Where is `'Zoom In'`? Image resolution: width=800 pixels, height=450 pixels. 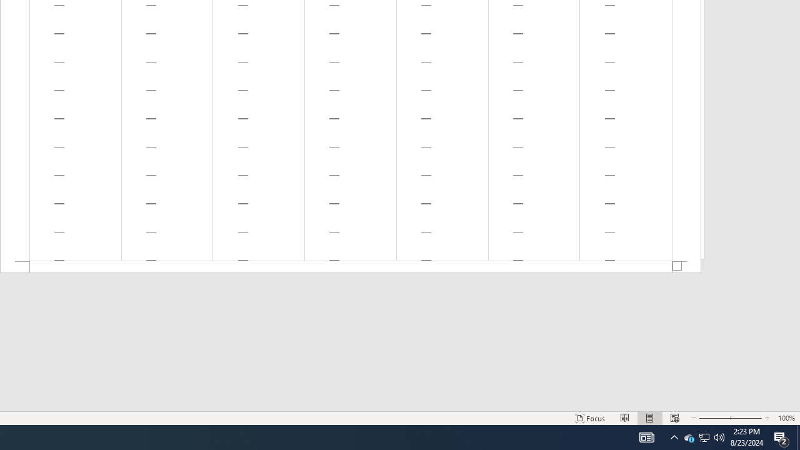
'Zoom In' is located at coordinates (747, 418).